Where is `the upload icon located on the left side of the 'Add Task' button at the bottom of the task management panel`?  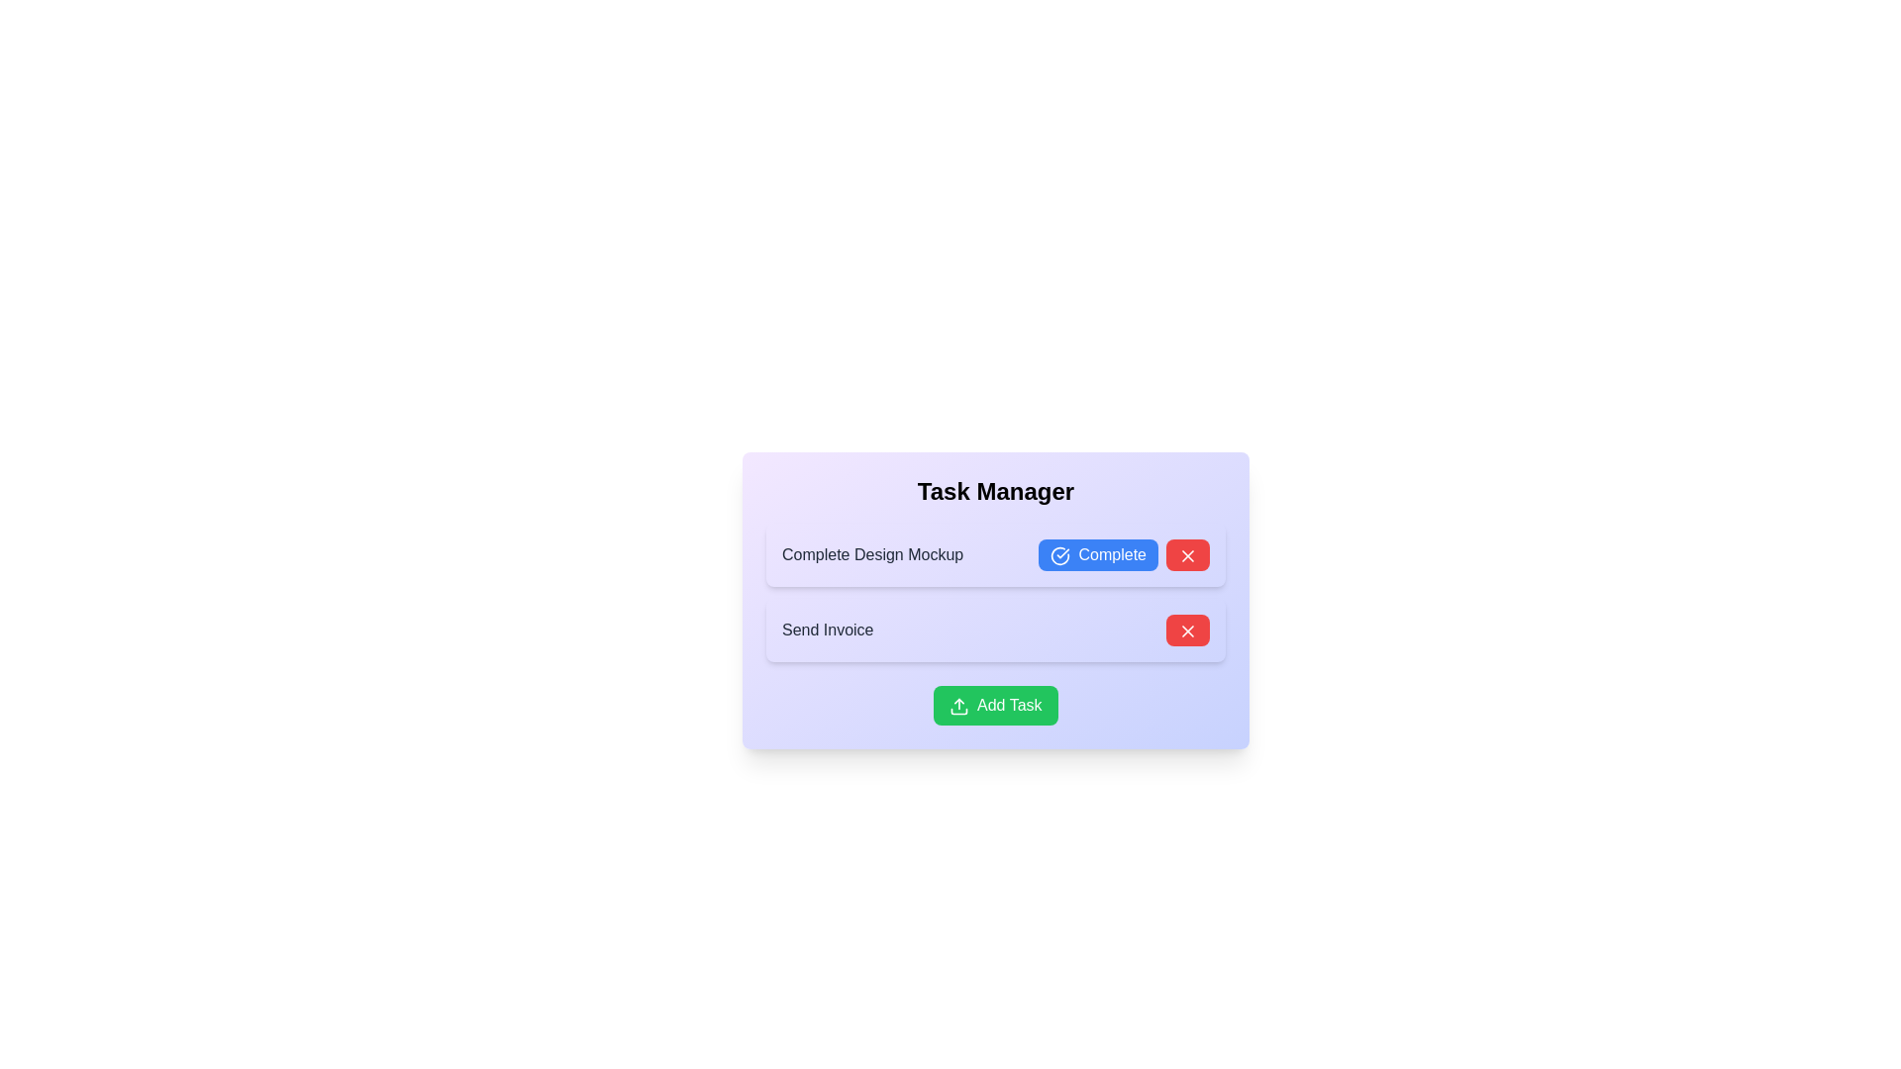 the upload icon located on the left side of the 'Add Task' button at the bottom of the task management panel is located at coordinates (959, 705).